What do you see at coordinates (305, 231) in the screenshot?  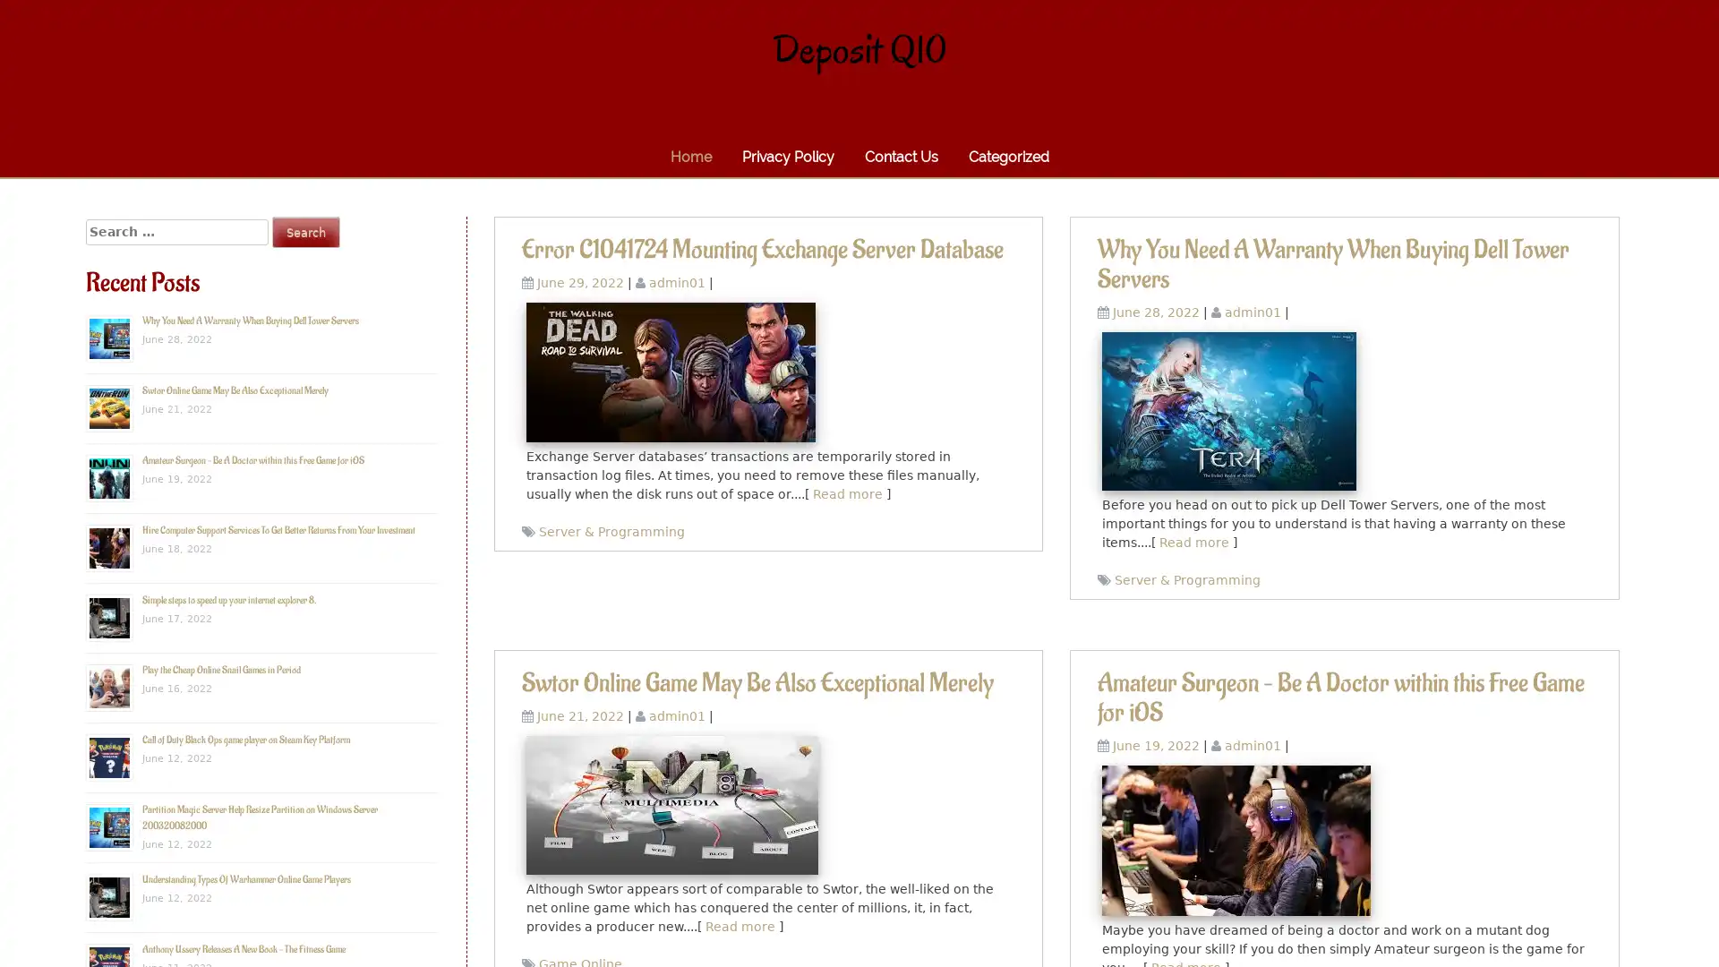 I see `Search` at bounding box center [305, 231].